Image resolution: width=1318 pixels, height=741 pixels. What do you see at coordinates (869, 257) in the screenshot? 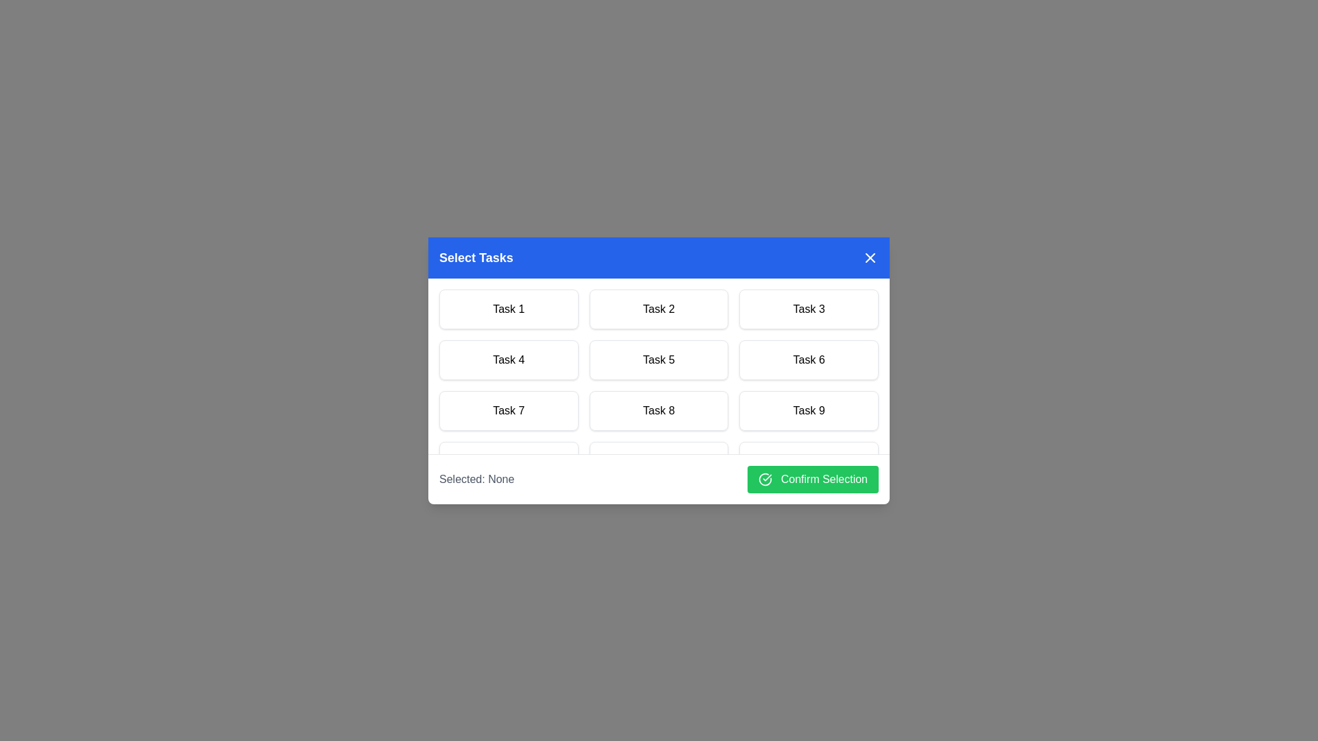
I see `the close button in the dialog header to toggle its visibility` at bounding box center [869, 257].